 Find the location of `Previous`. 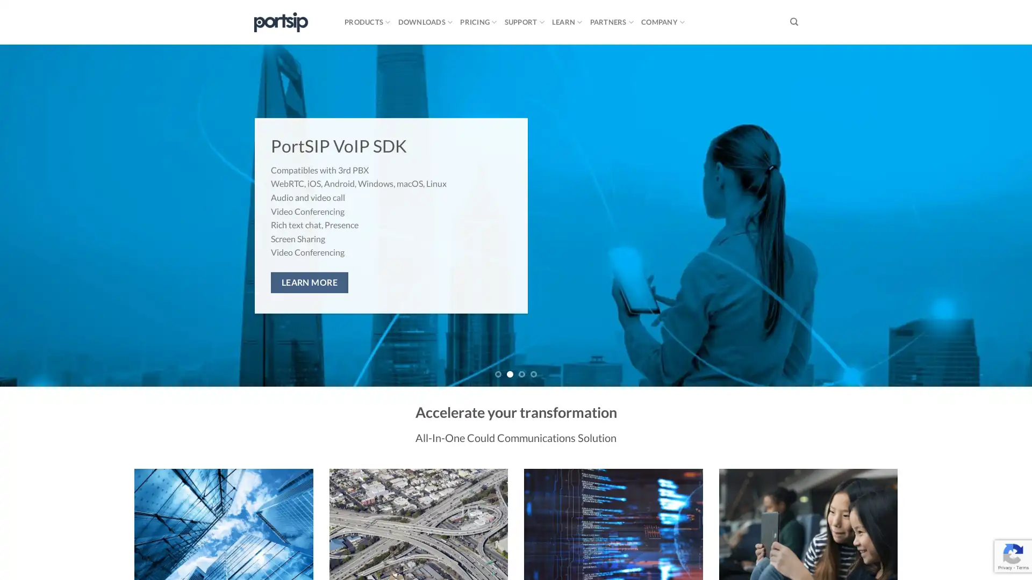

Previous is located at coordinates (33, 215).